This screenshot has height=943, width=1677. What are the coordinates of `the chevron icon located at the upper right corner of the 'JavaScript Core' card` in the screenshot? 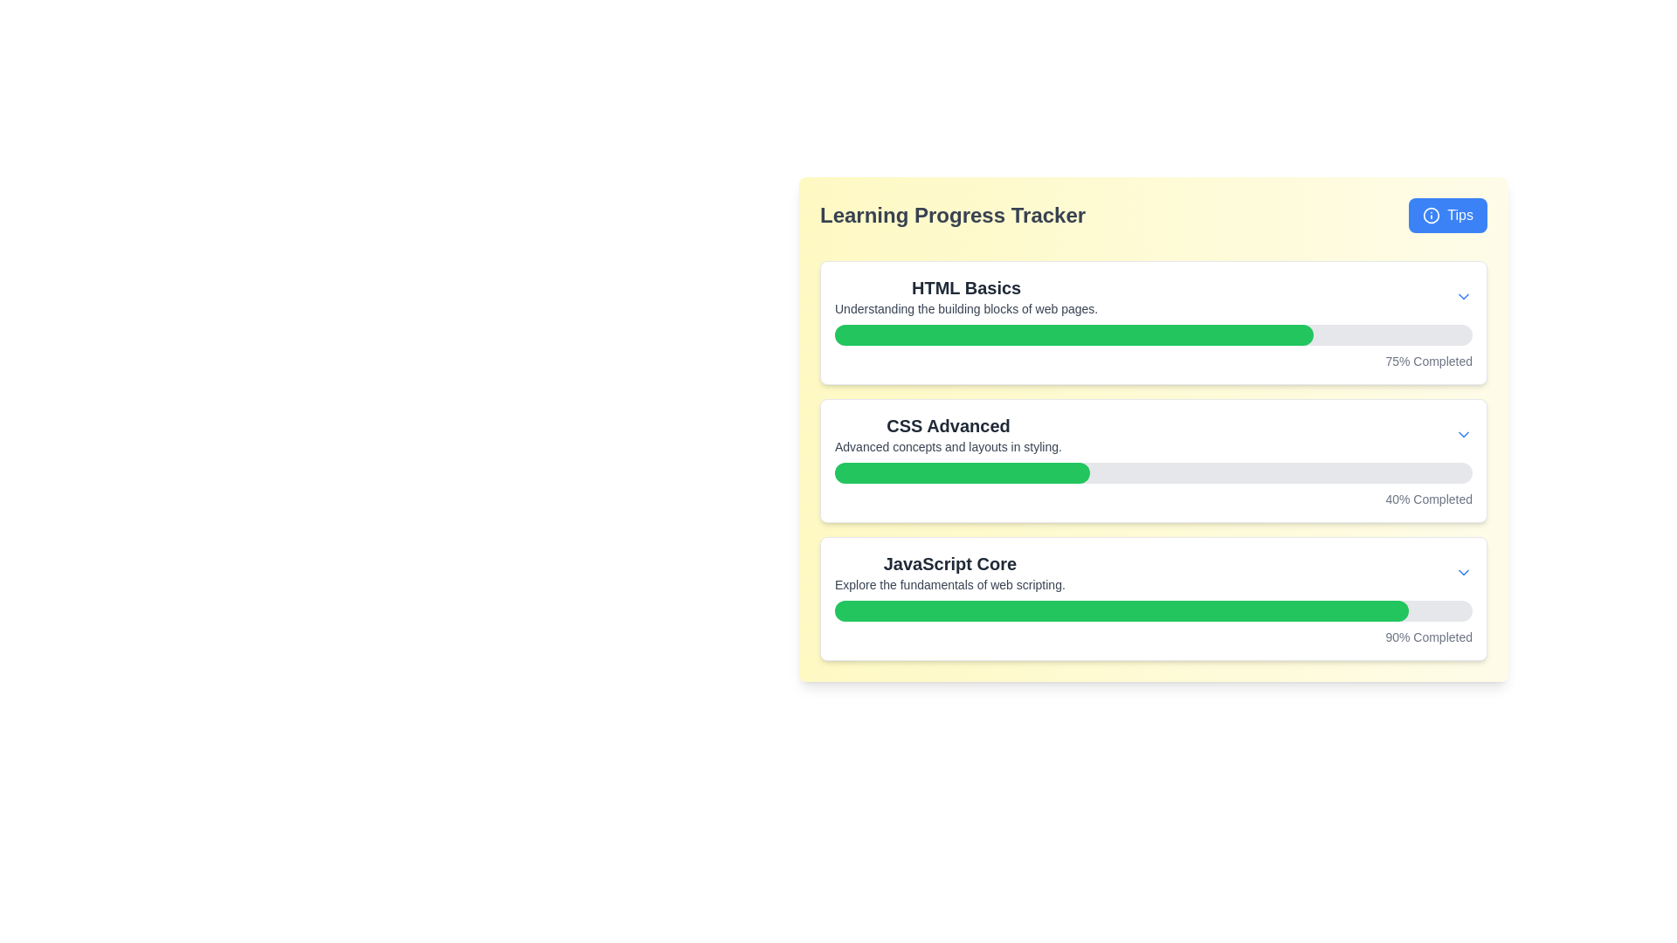 It's located at (1463, 572).